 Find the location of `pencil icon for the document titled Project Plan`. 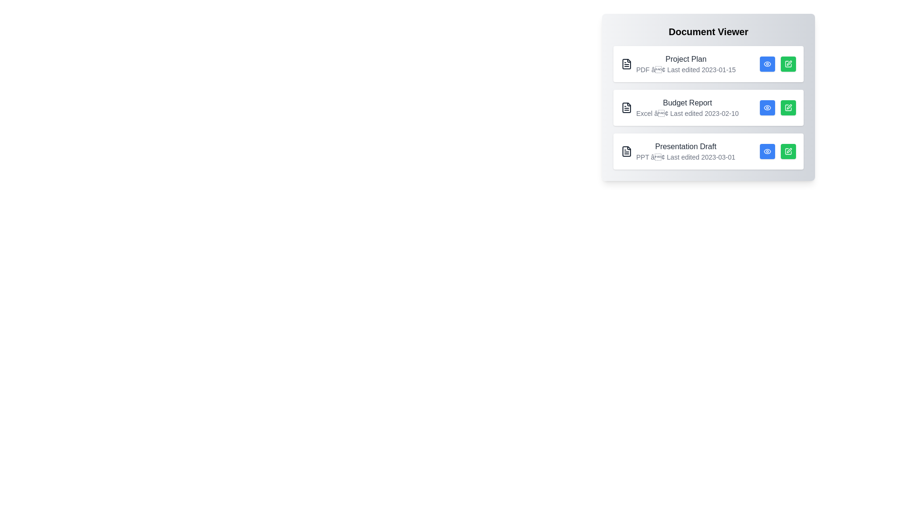

pencil icon for the document titled Project Plan is located at coordinates (788, 64).